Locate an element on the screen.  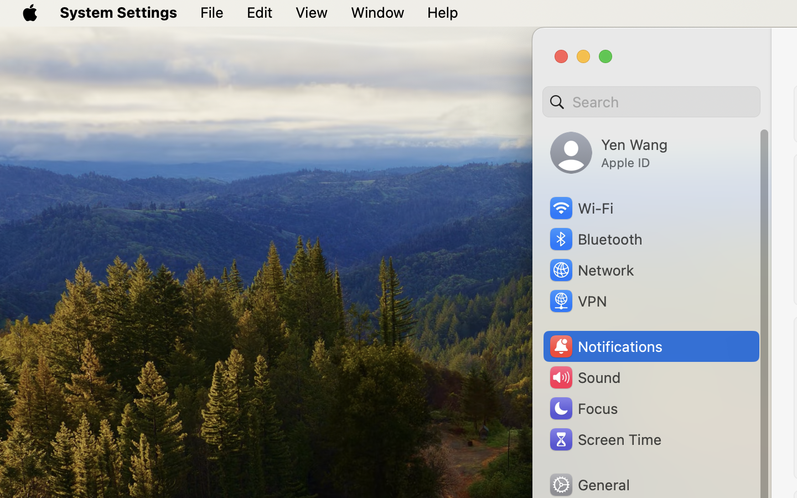
'Screen Time' is located at coordinates (604, 439).